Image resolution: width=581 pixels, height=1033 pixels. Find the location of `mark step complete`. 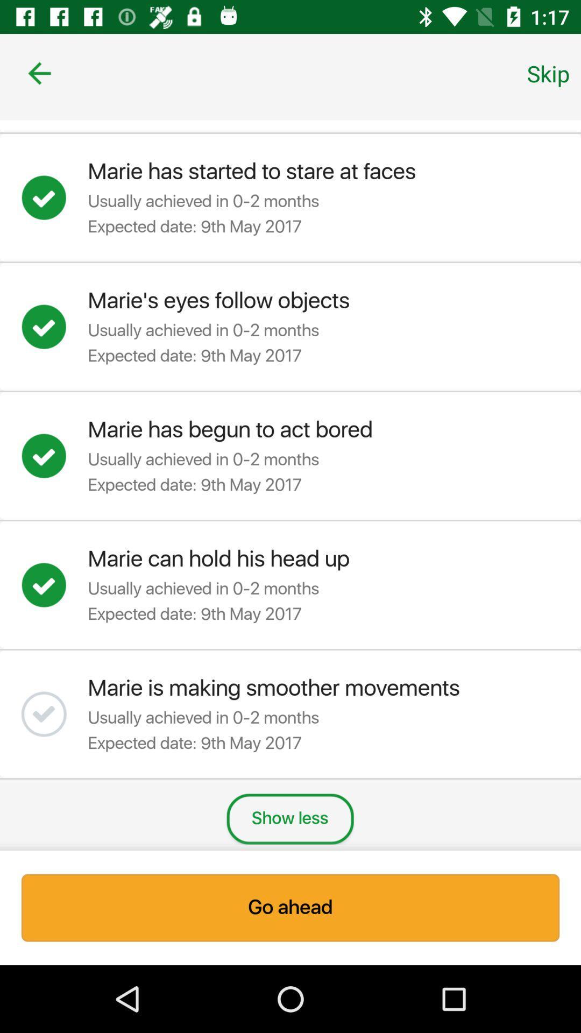

mark step complete is located at coordinates (54, 584).